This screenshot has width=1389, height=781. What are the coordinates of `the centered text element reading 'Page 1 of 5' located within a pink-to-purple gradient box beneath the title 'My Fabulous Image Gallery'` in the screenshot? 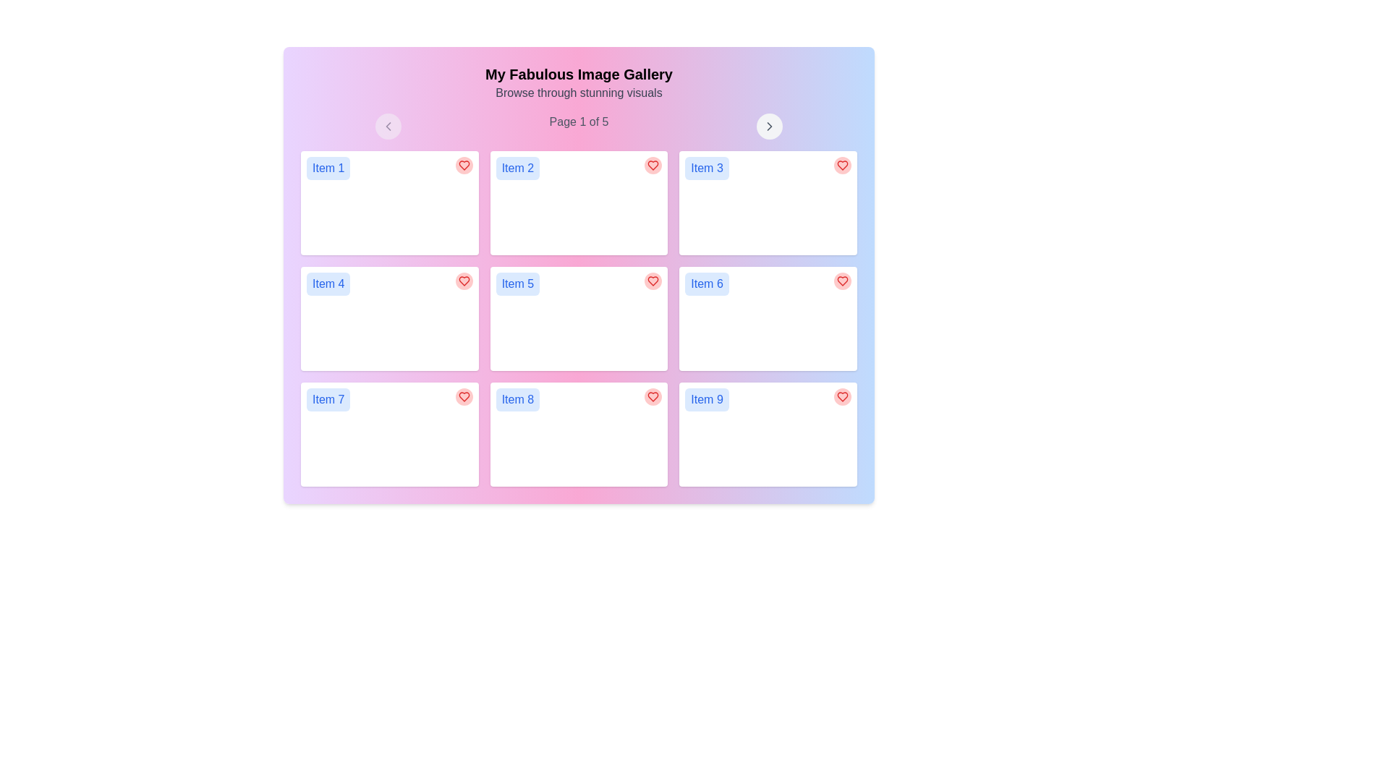 It's located at (579, 125).